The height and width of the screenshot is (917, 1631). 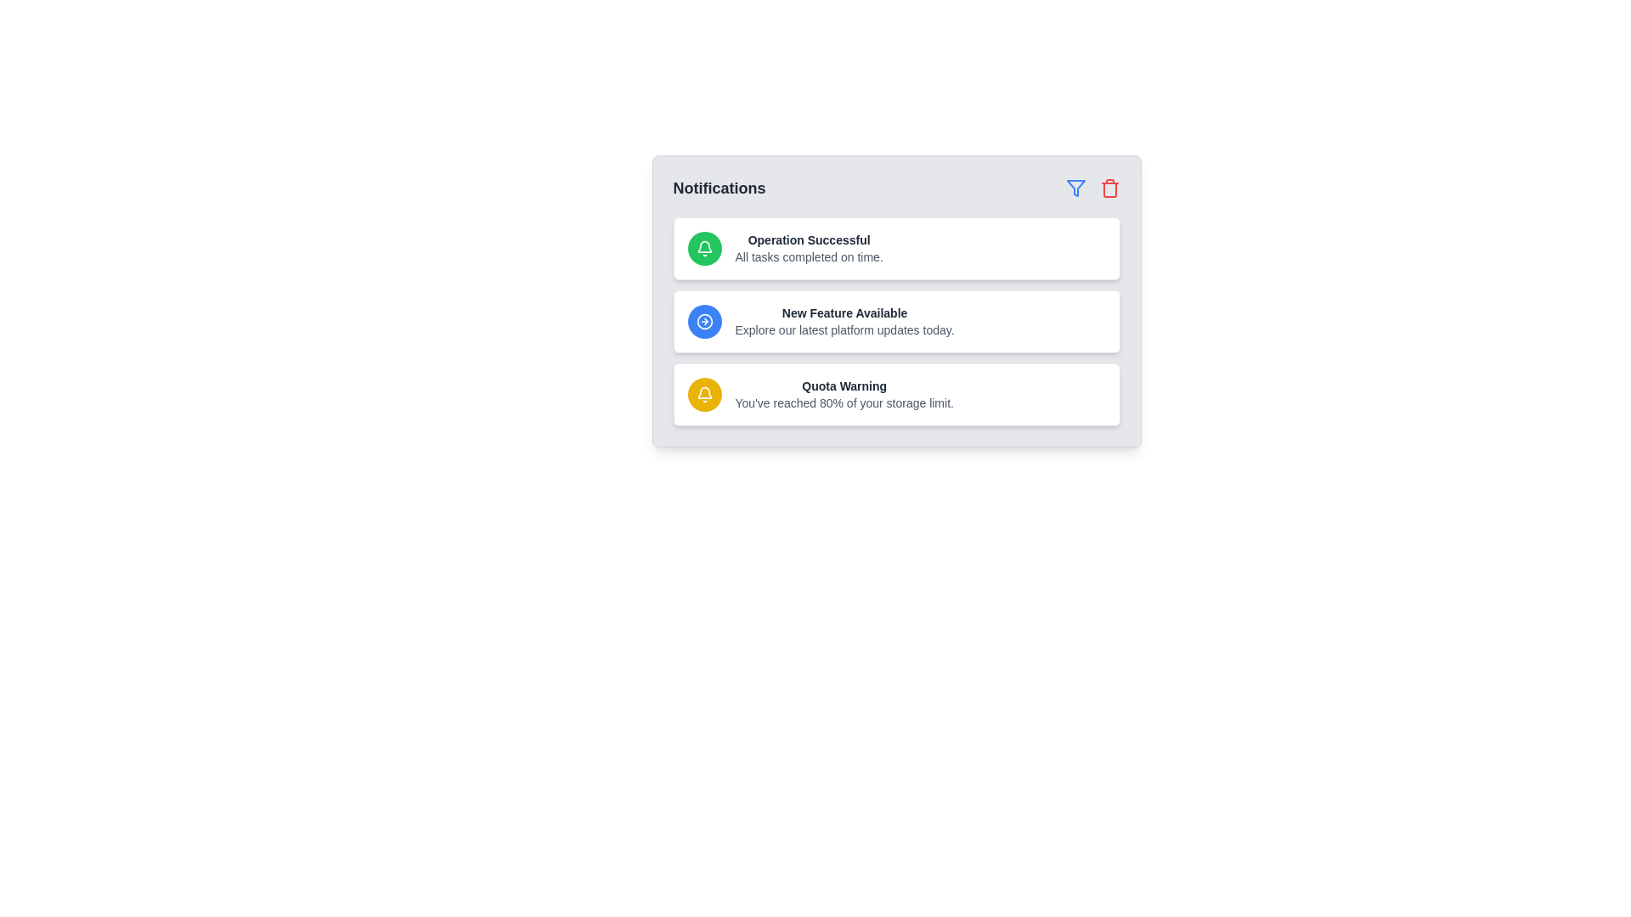 What do you see at coordinates (704, 245) in the screenshot?
I see `the bell-shaped SVG notification icon` at bounding box center [704, 245].